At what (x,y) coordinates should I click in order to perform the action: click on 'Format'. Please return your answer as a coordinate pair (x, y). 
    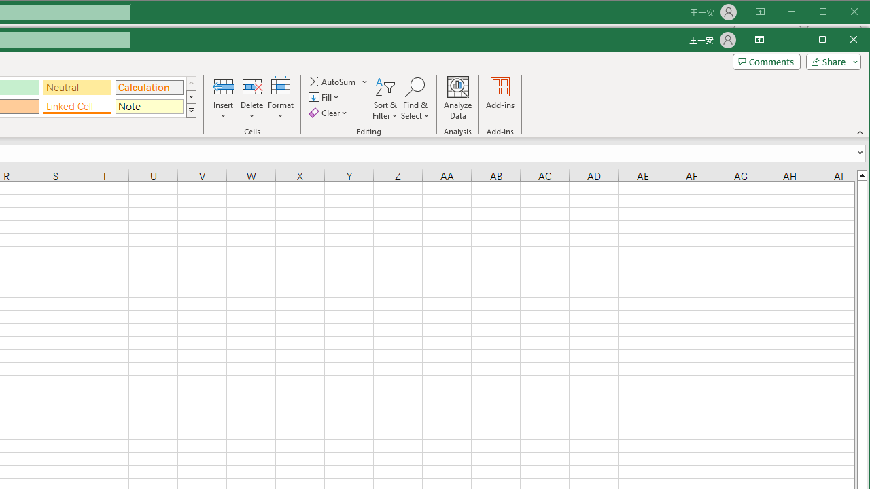
    Looking at the image, I should click on (280, 98).